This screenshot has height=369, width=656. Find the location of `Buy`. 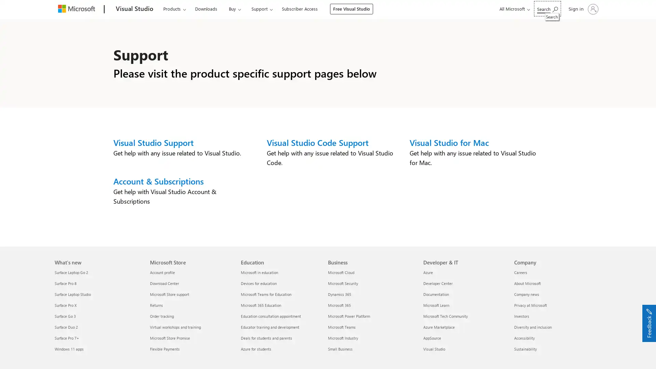

Buy is located at coordinates (232, 9).